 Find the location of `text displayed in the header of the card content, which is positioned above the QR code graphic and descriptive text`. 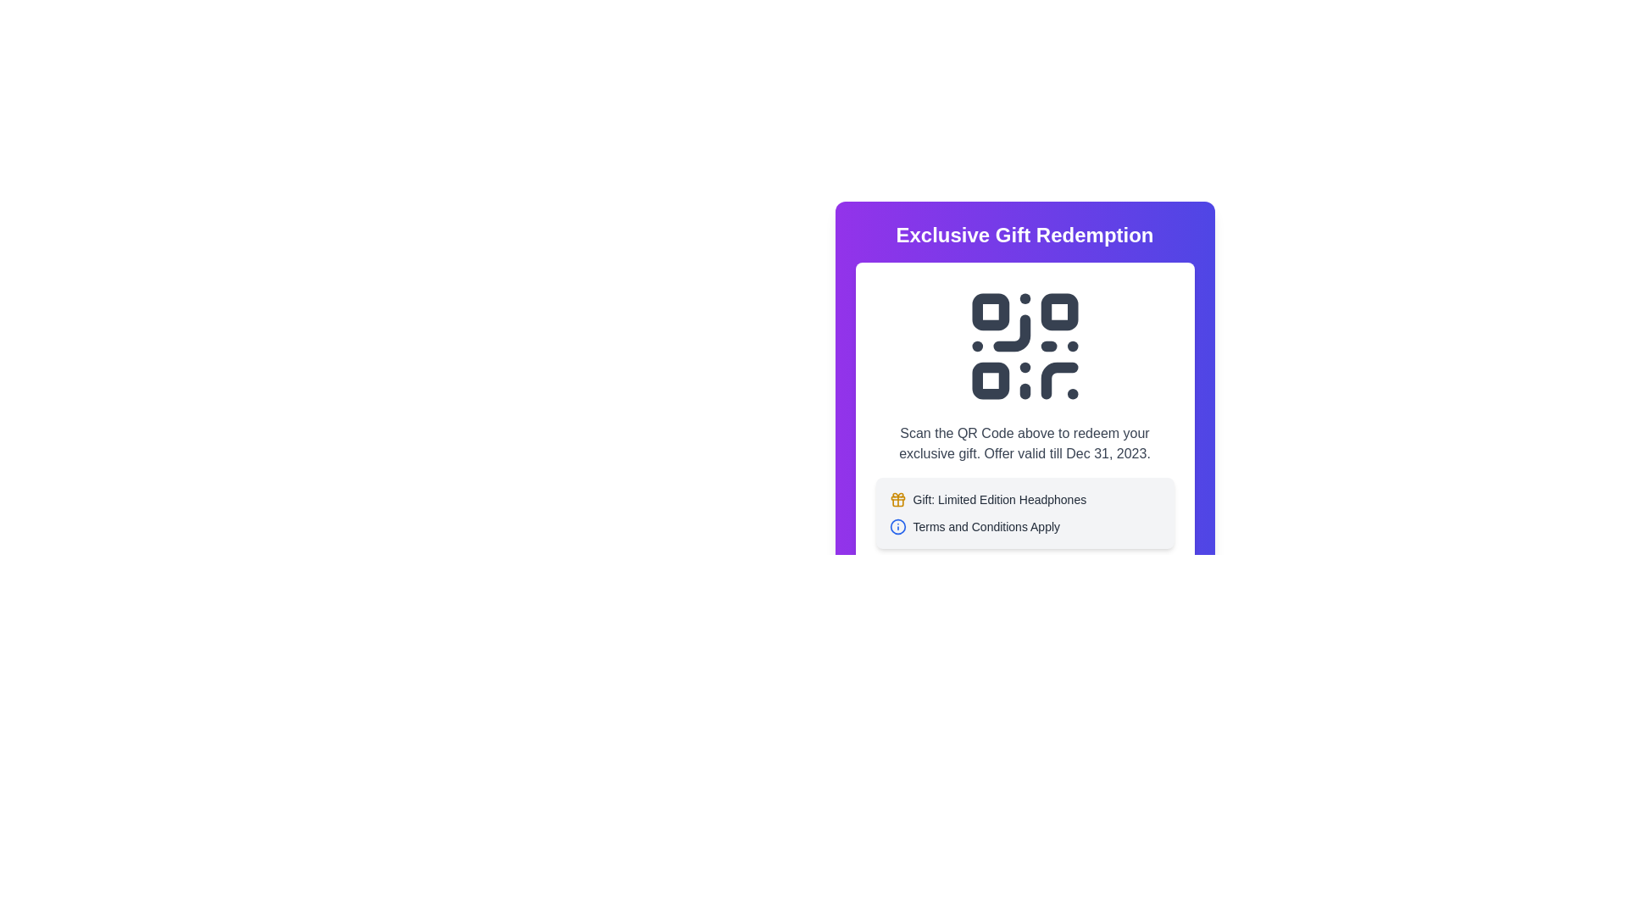

text displayed in the header of the card content, which is positioned above the QR code graphic and descriptive text is located at coordinates (1024, 235).